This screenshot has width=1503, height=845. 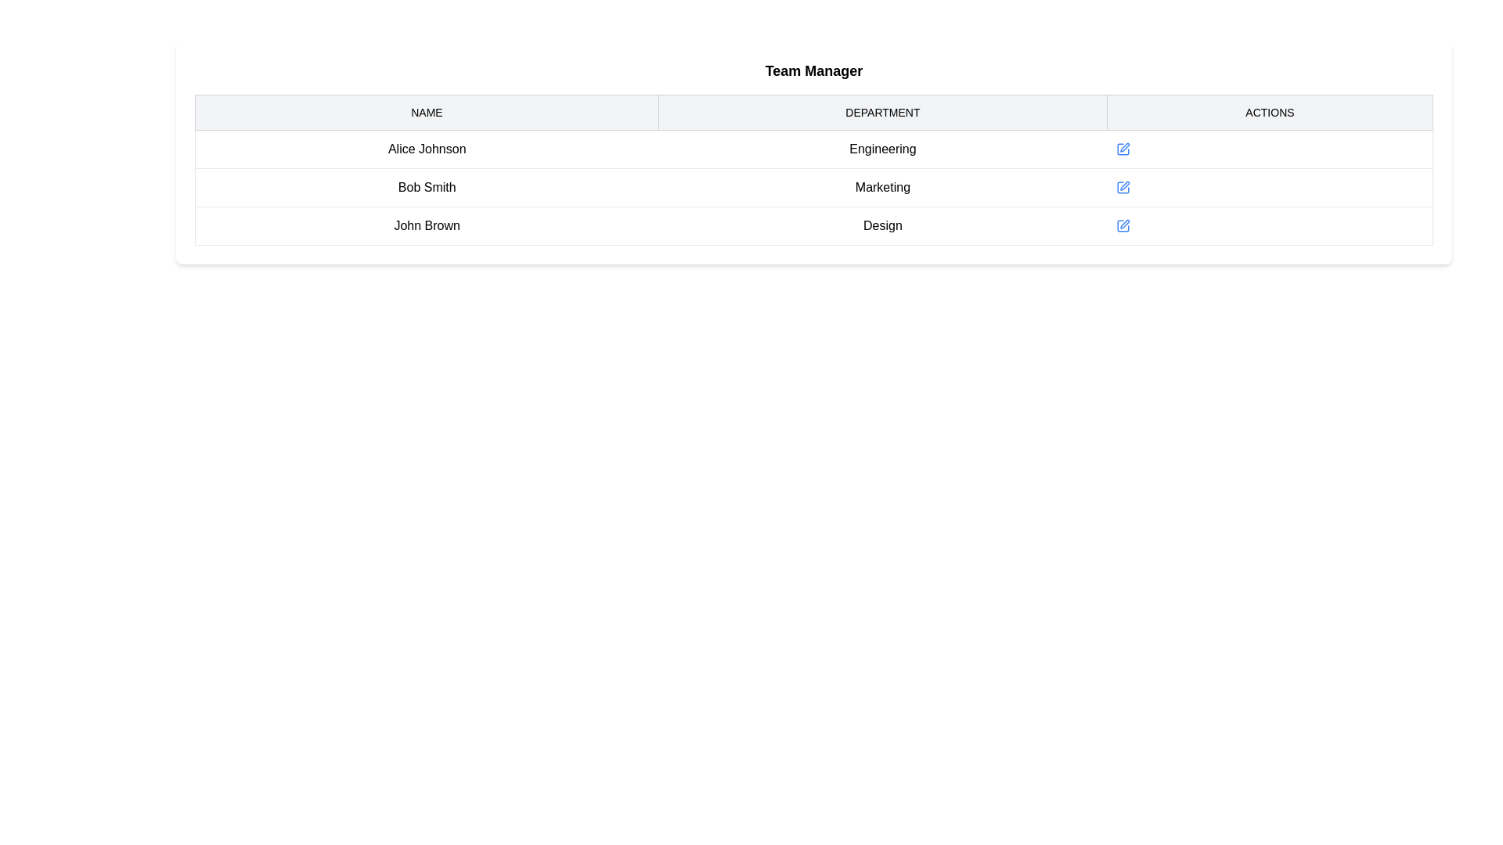 What do you see at coordinates (1123, 147) in the screenshot?
I see `the stylized square pen icon in the 'Actions' column under the 'Team Manager' heading to initiate editing` at bounding box center [1123, 147].